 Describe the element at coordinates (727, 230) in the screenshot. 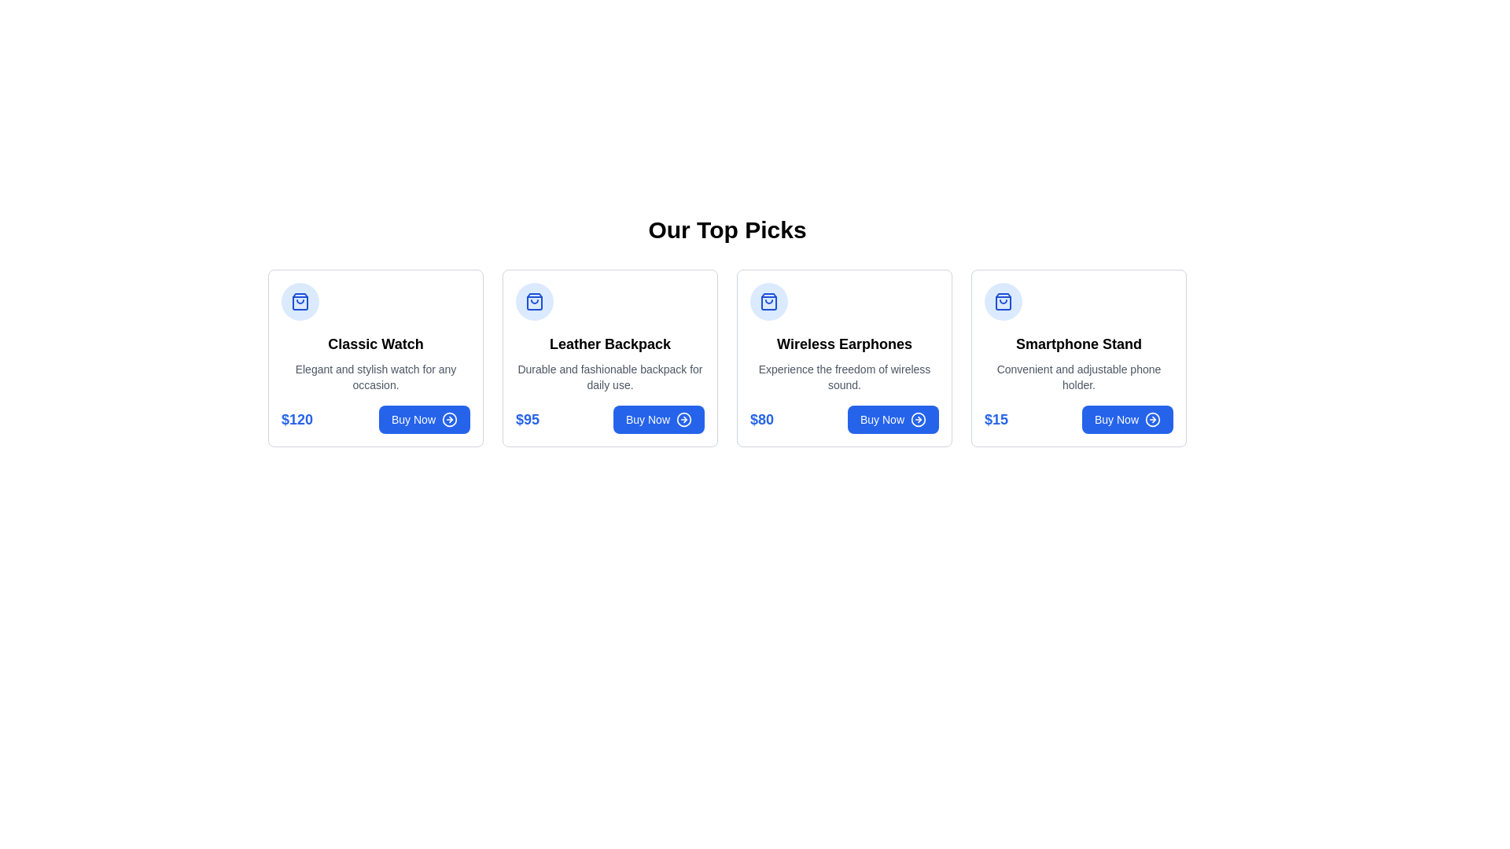

I see `header text displayed at the top of the section, which introduces the list of products below it` at that location.